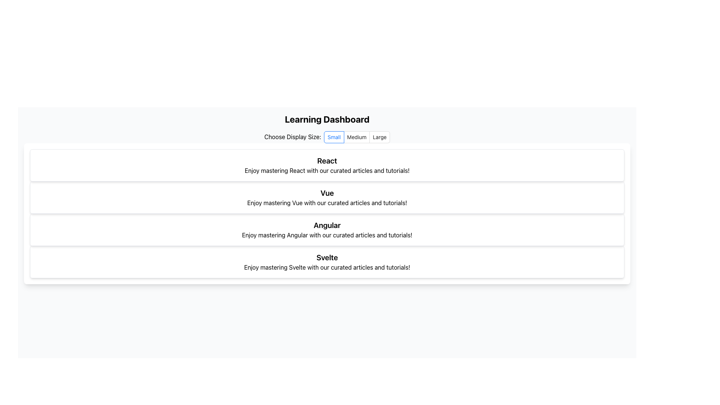 This screenshot has width=720, height=405. What do you see at coordinates (327, 202) in the screenshot?
I see `description text located within the card titled 'Vue', which is the second entry in a list of framework cards` at bounding box center [327, 202].